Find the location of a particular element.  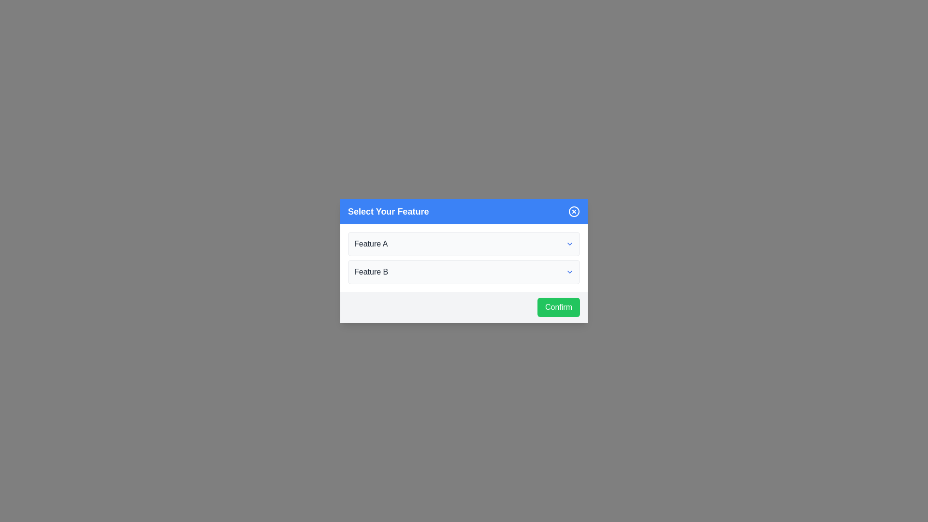

the blue downward-facing chevron button located to the right of the text 'Feature B' is located at coordinates (570, 272).